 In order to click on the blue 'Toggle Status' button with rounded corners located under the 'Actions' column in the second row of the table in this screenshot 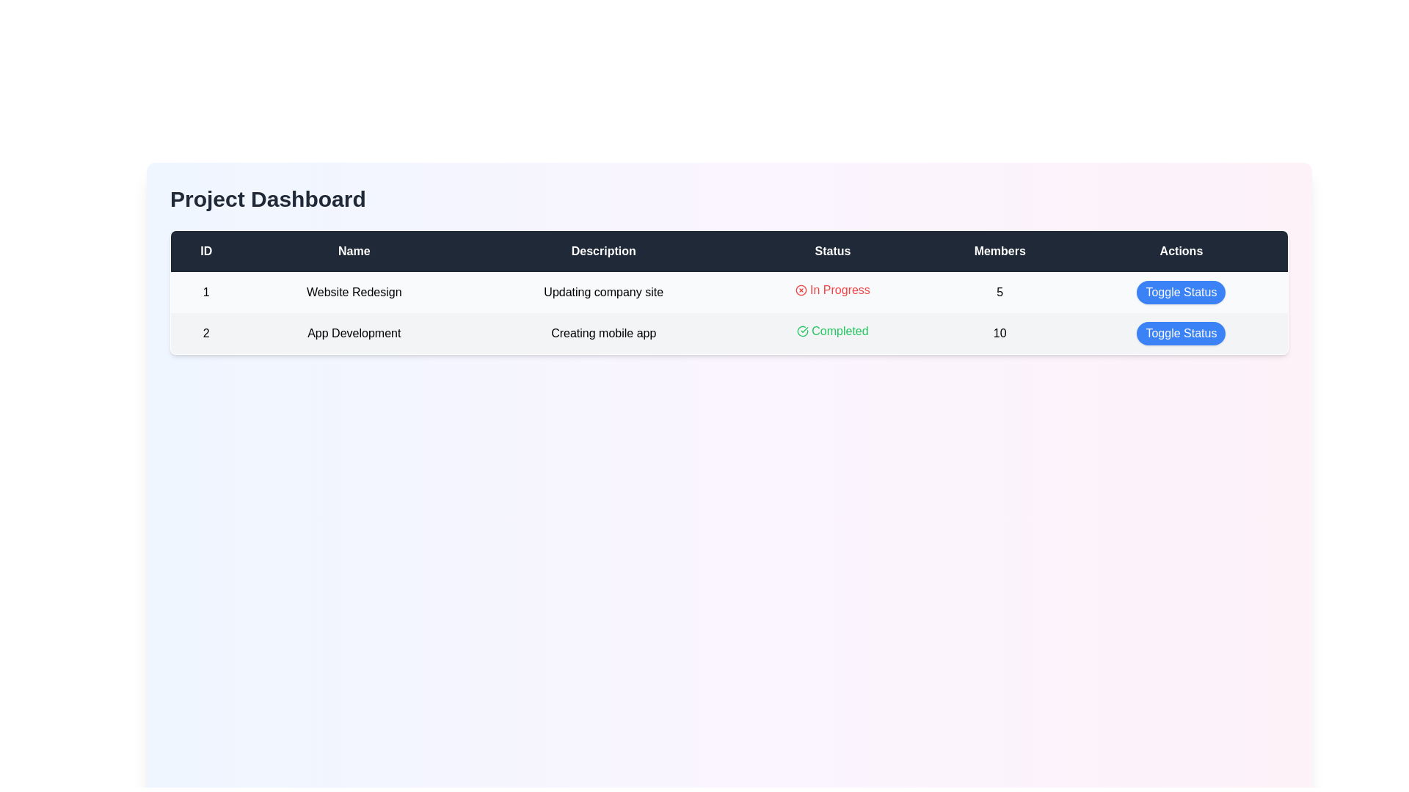, I will do `click(1181, 334)`.